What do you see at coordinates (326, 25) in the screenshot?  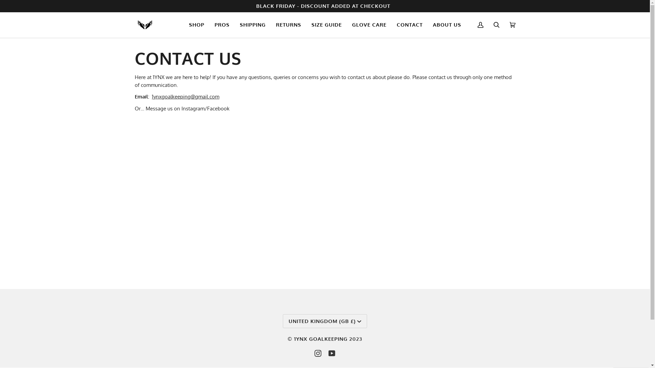 I see `'SIZE GUIDE'` at bounding box center [326, 25].